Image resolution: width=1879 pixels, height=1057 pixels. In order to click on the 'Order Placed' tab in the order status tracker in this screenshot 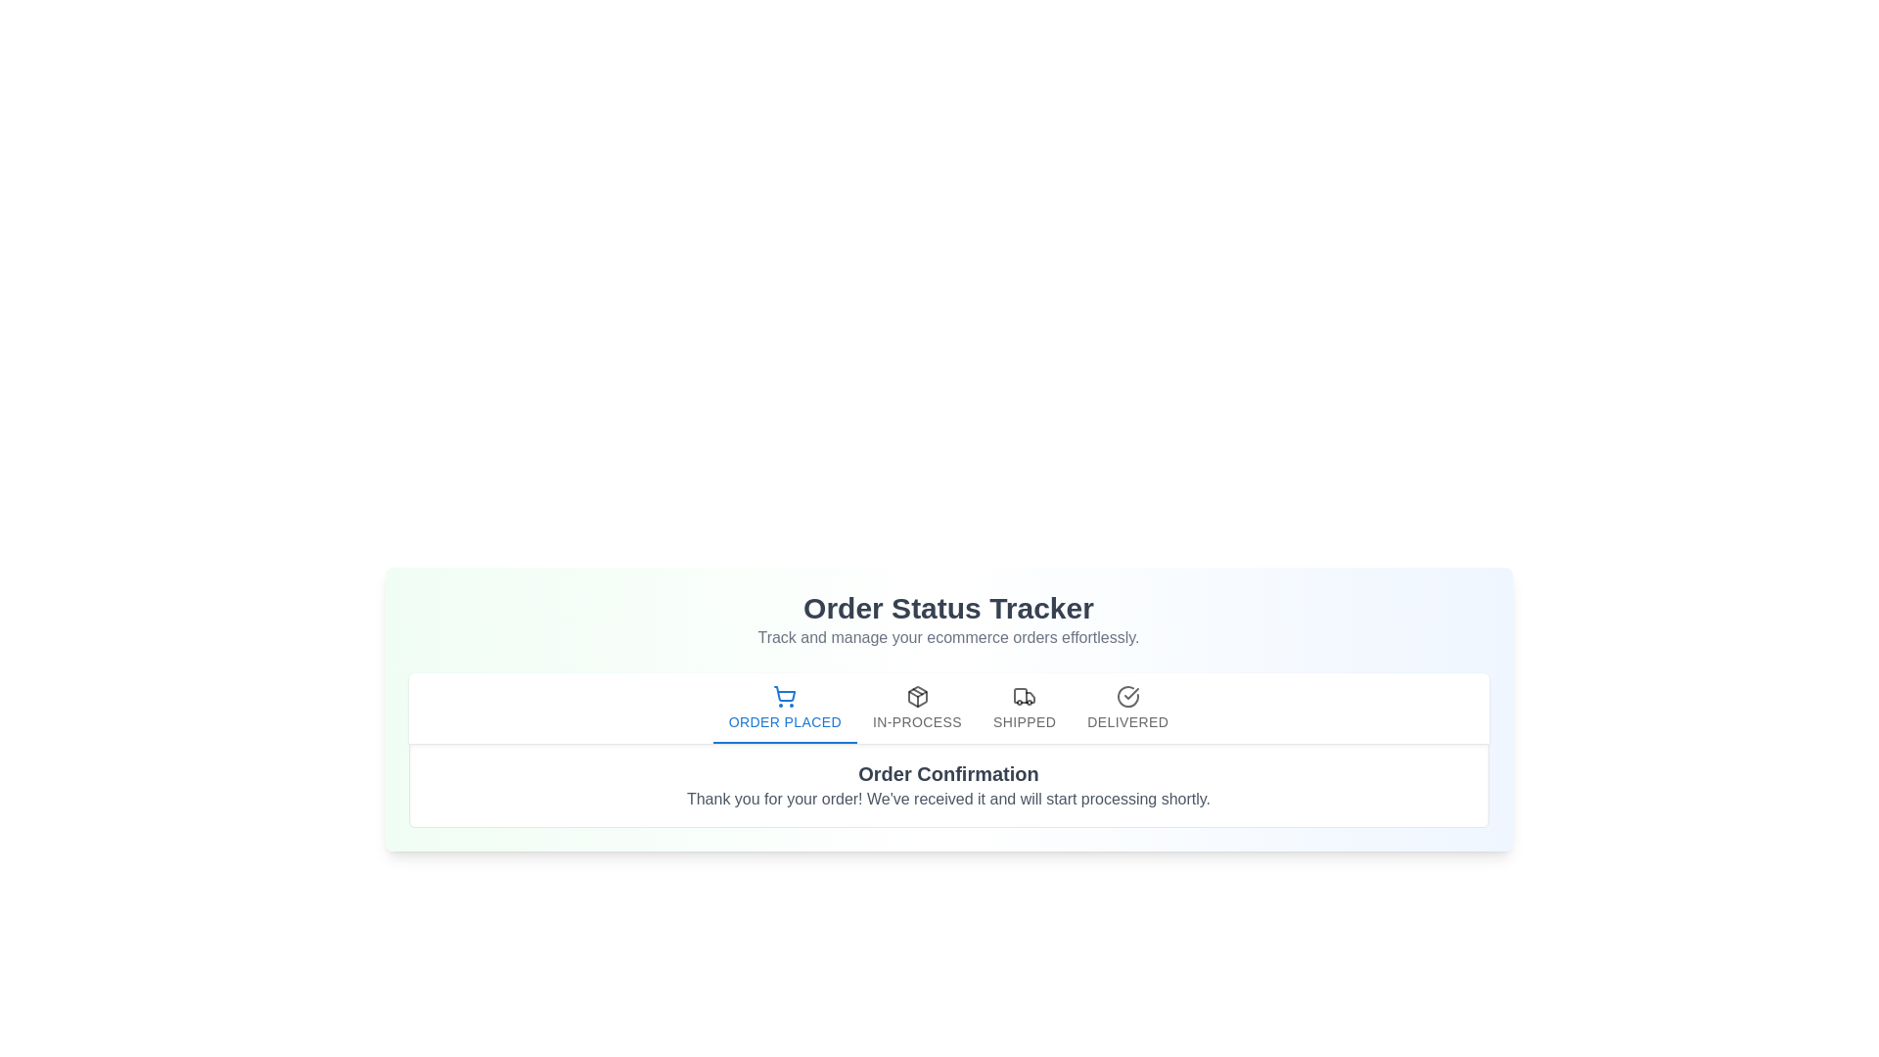, I will do `click(785, 709)`.